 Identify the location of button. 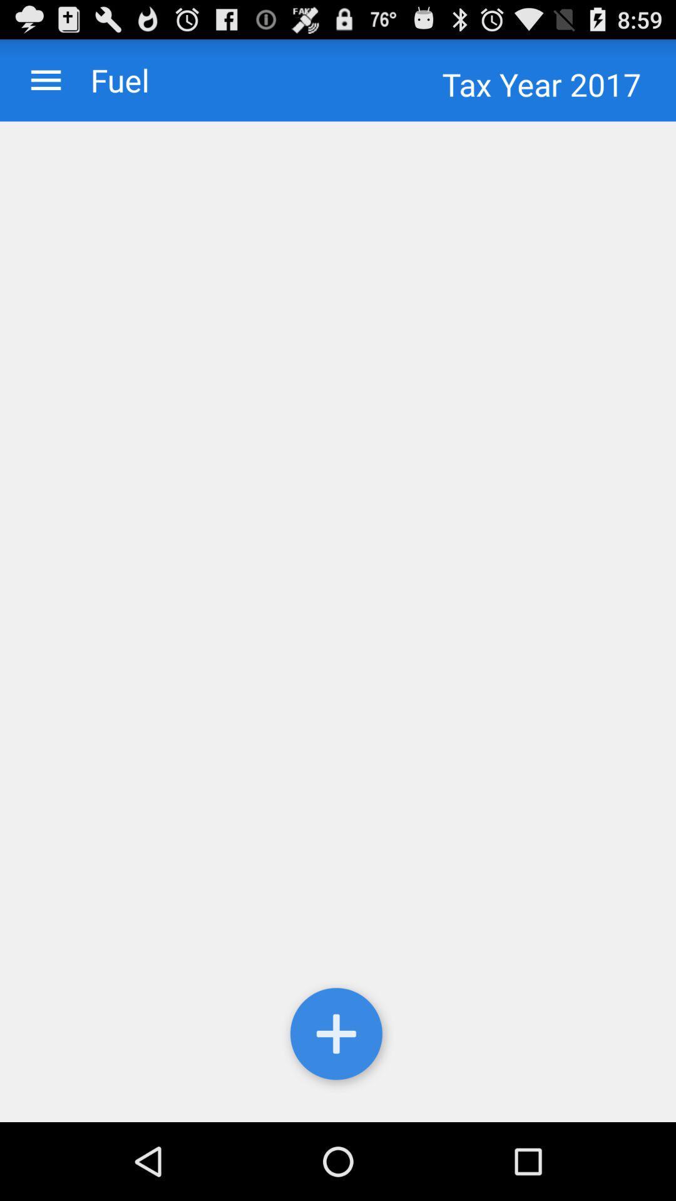
(338, 1036).